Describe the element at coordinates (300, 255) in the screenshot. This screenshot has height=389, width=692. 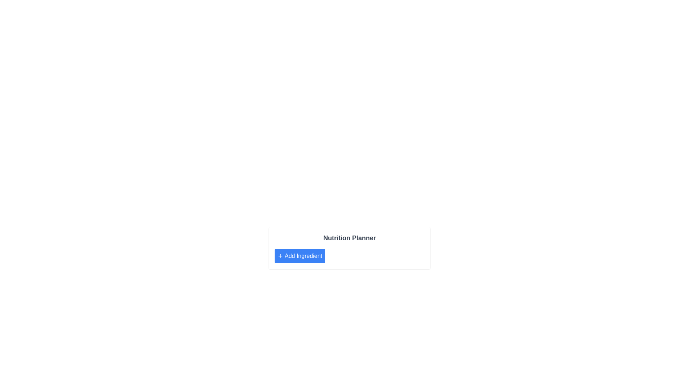
I see `the button within the white, rounded box labeled 'Nutrition Planner'` at that location.